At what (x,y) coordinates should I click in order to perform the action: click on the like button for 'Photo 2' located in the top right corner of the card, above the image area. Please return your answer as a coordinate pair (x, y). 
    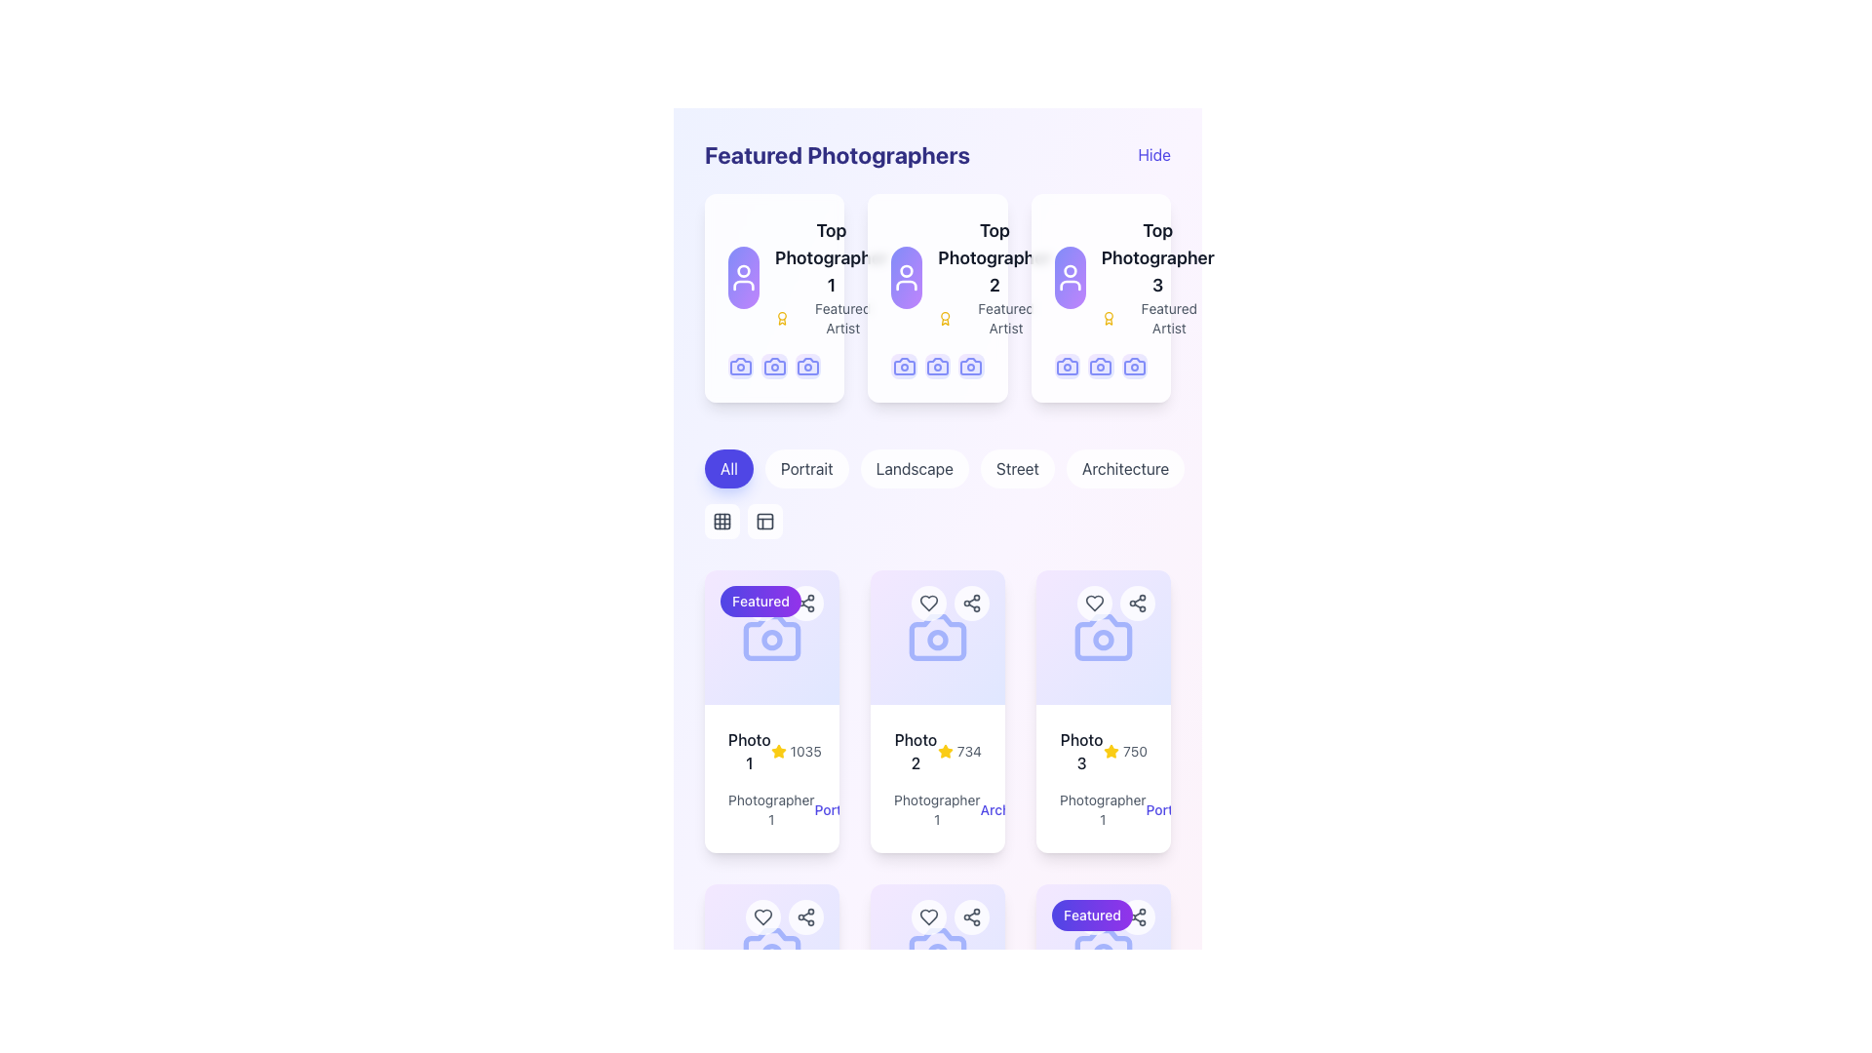
    Looking at the image, I should click on (928, 917).